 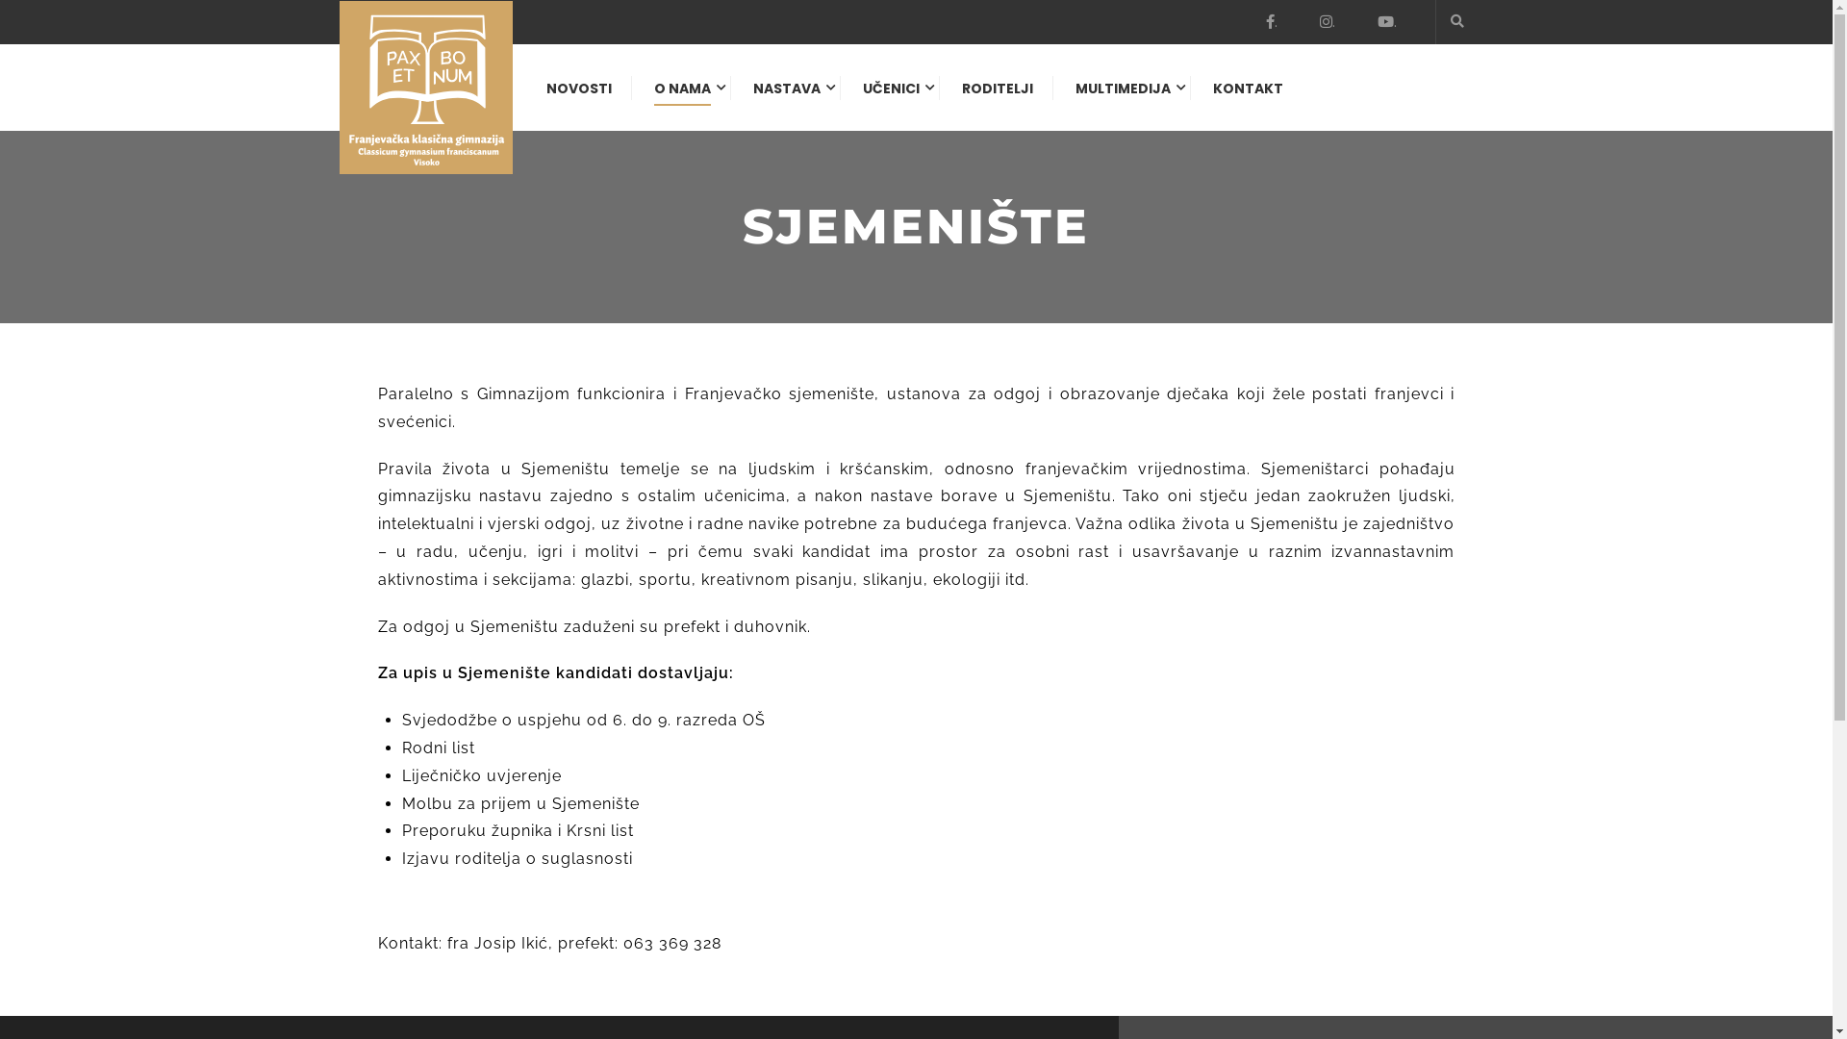 I want to click on 'NOVOSTI', so click(x=526, y=96).